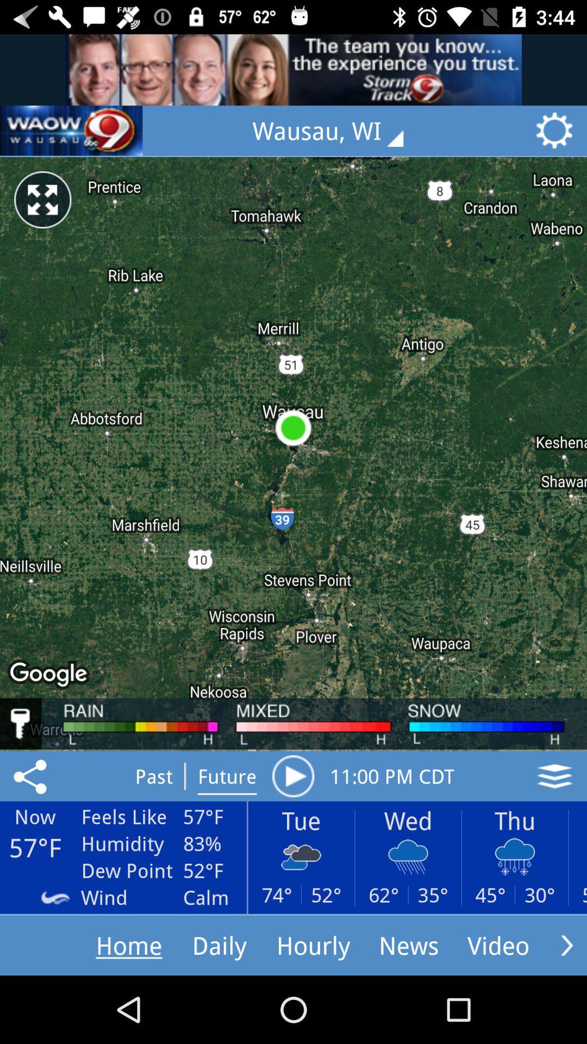  What do you see at coordinates (71, 130) in the screenshot?
I see `the volume icon` at bounding box center [71, 130].